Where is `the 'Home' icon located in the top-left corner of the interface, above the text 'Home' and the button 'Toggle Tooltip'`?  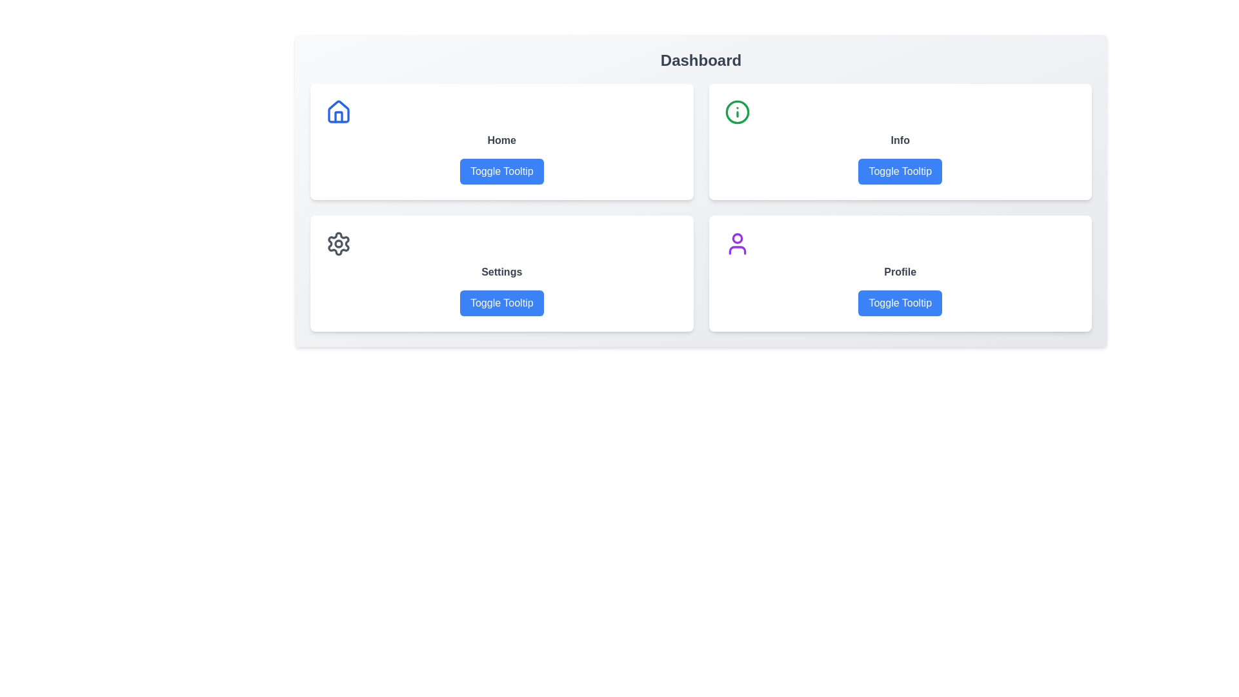 the 'Home' icon located in the top-left corner of the interface, above the text 'Home' and the button 'Toggle Tooltip' is located at coordinates (338, 111).